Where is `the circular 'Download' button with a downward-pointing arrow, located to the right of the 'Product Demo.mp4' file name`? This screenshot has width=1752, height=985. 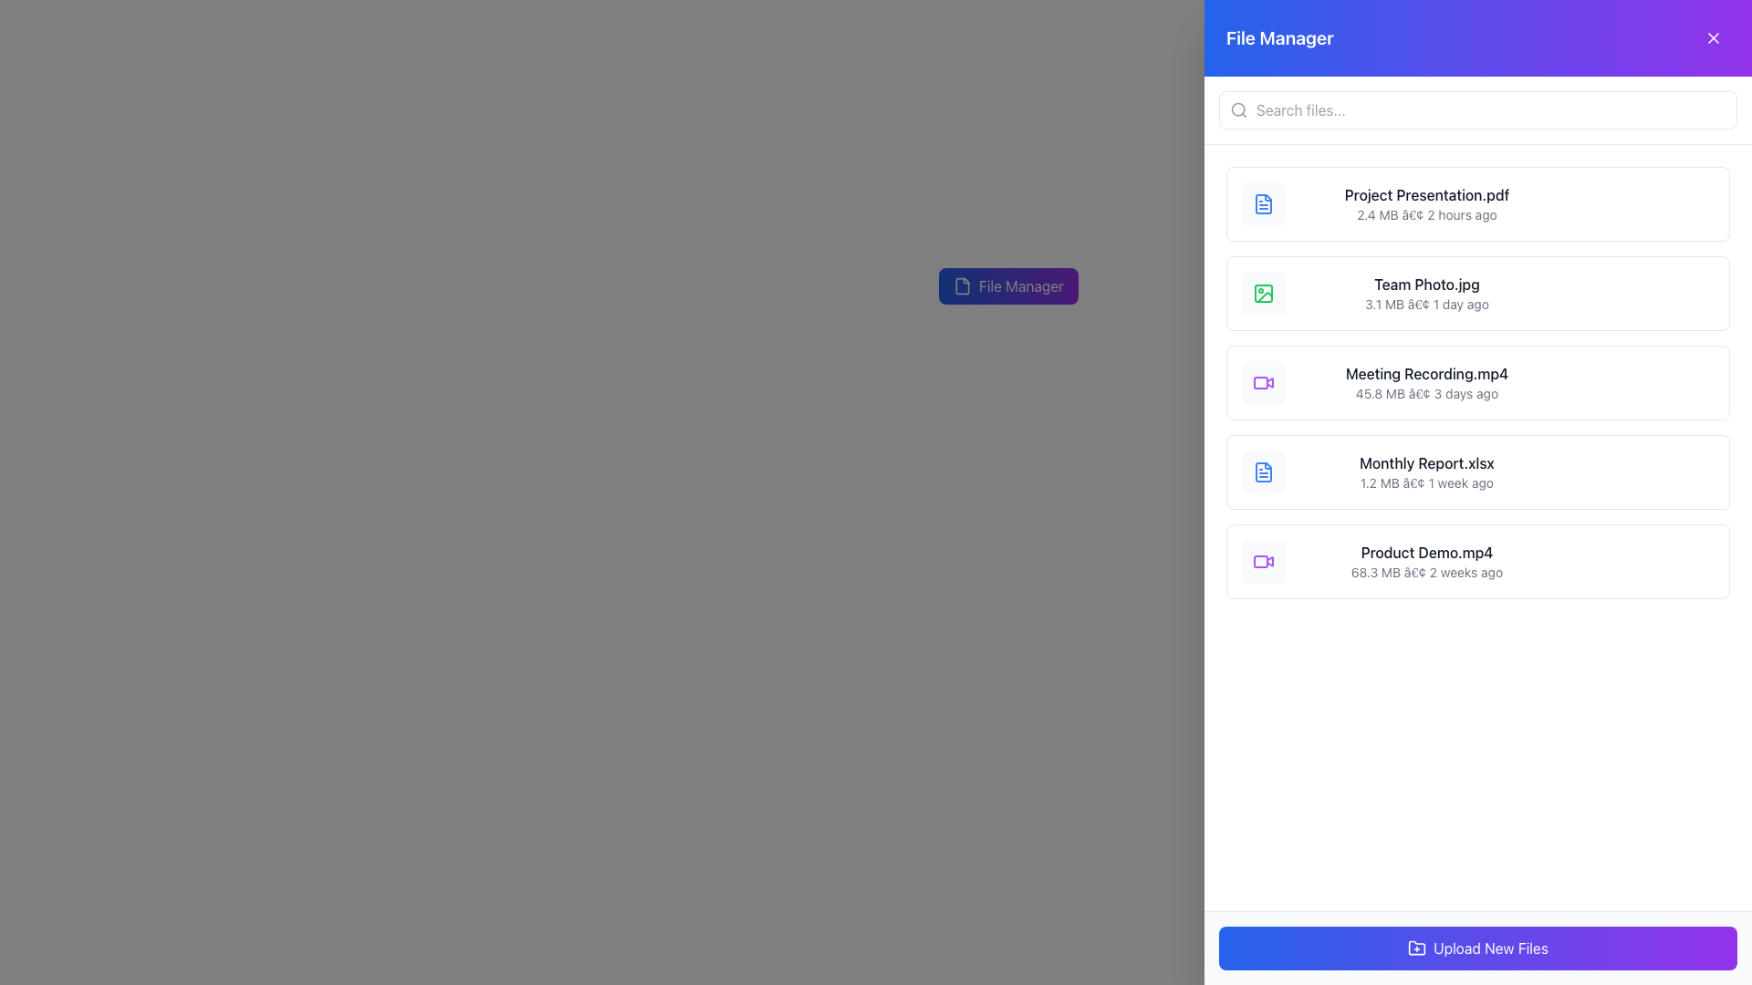 the circular 'Download' button with a downward-pointing arrow, located to the right of the 'Product Demo.mp4' file name is located at coordinates (1622, 561).